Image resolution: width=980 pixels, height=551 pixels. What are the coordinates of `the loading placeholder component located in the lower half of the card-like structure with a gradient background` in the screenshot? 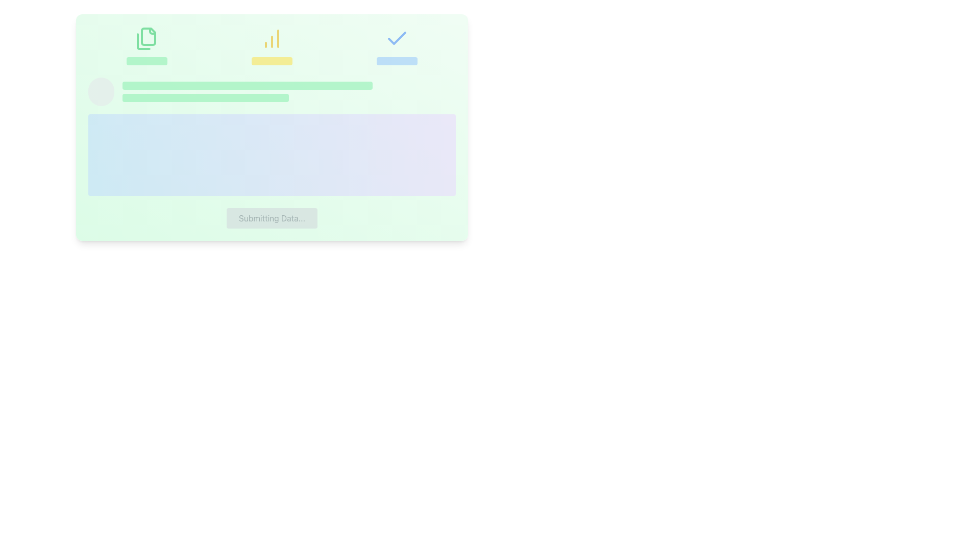 It's located at (272, 136).